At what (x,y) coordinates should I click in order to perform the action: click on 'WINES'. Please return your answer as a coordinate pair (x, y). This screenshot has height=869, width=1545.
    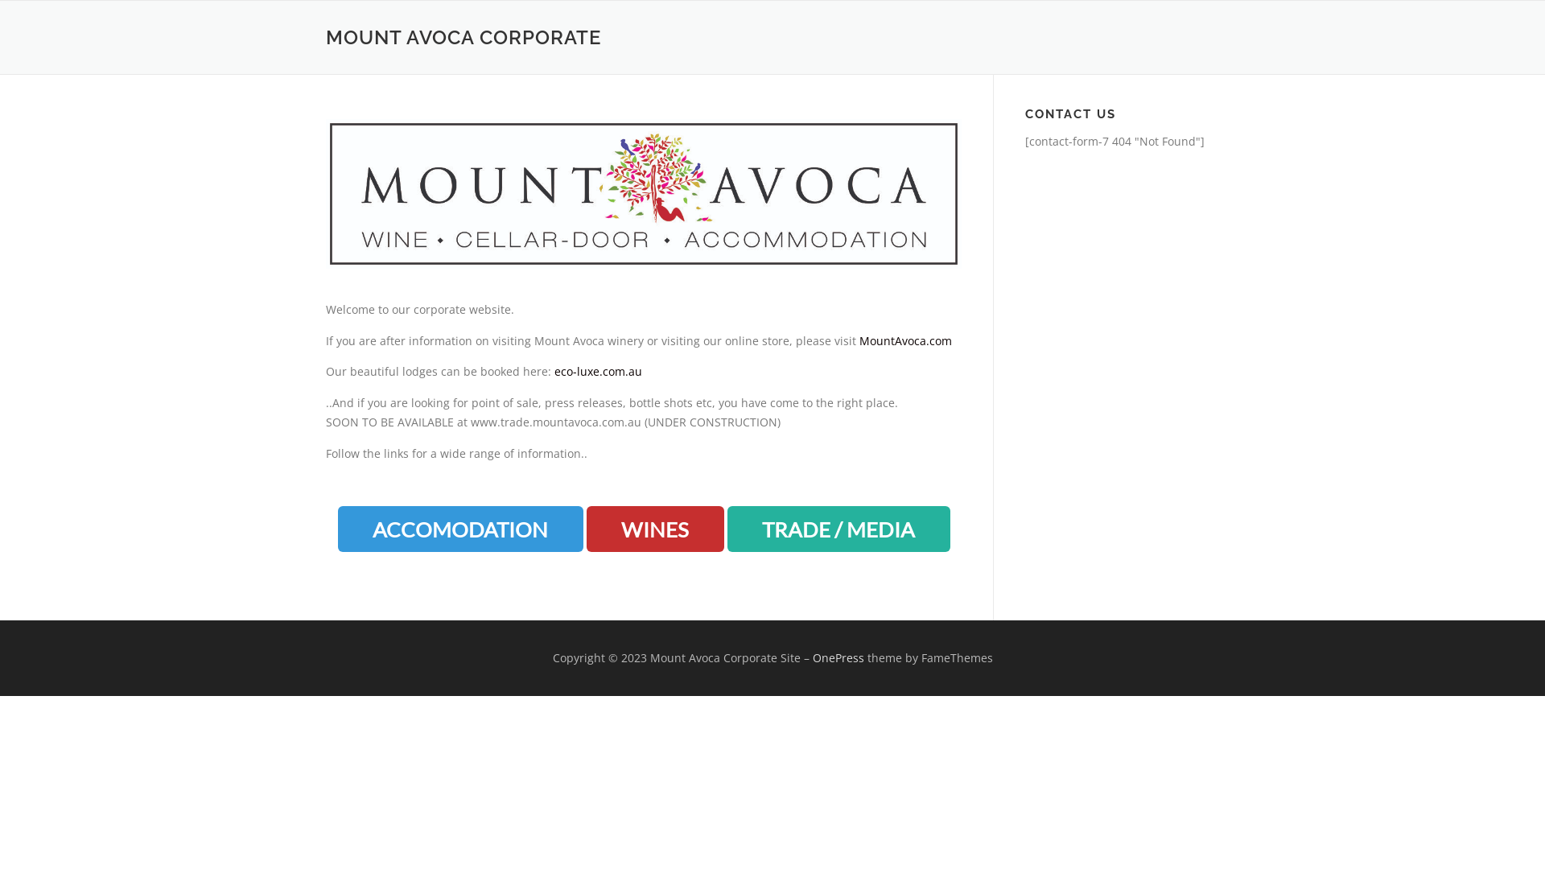
    Looking at the image, I should click on (585, 529).